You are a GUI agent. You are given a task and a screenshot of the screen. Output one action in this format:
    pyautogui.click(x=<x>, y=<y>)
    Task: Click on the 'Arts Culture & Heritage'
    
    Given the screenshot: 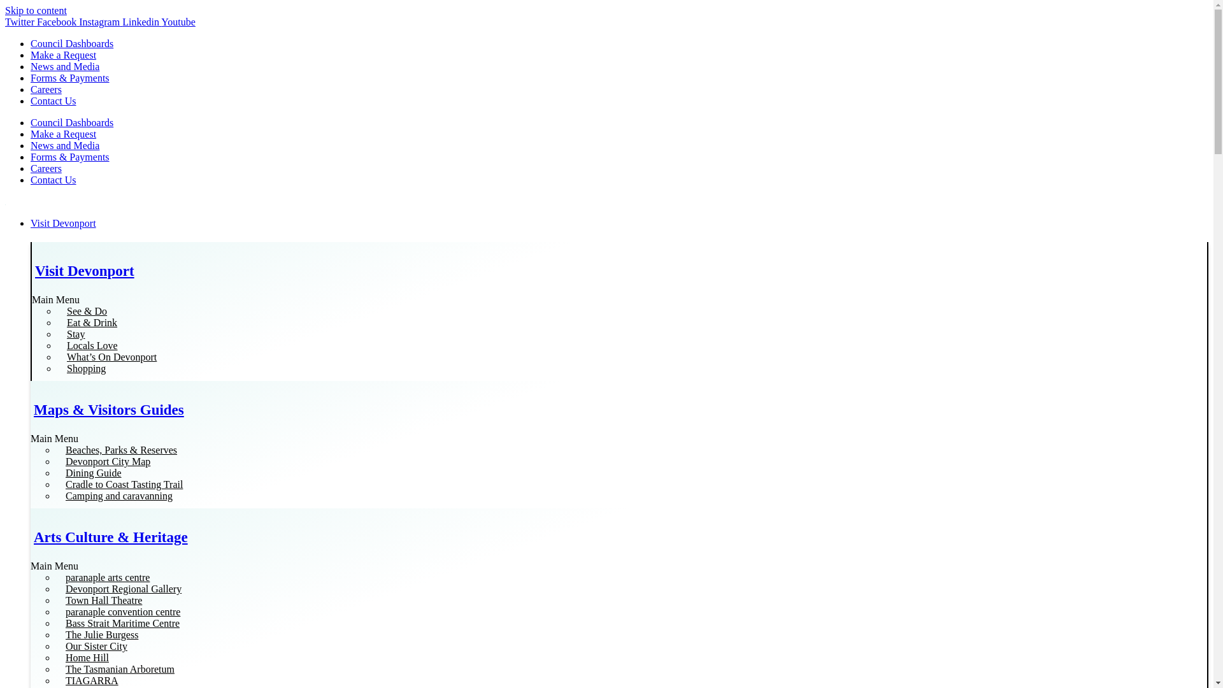 What is the action you would take?
    pyautogui.click(x=110, y=537)
    